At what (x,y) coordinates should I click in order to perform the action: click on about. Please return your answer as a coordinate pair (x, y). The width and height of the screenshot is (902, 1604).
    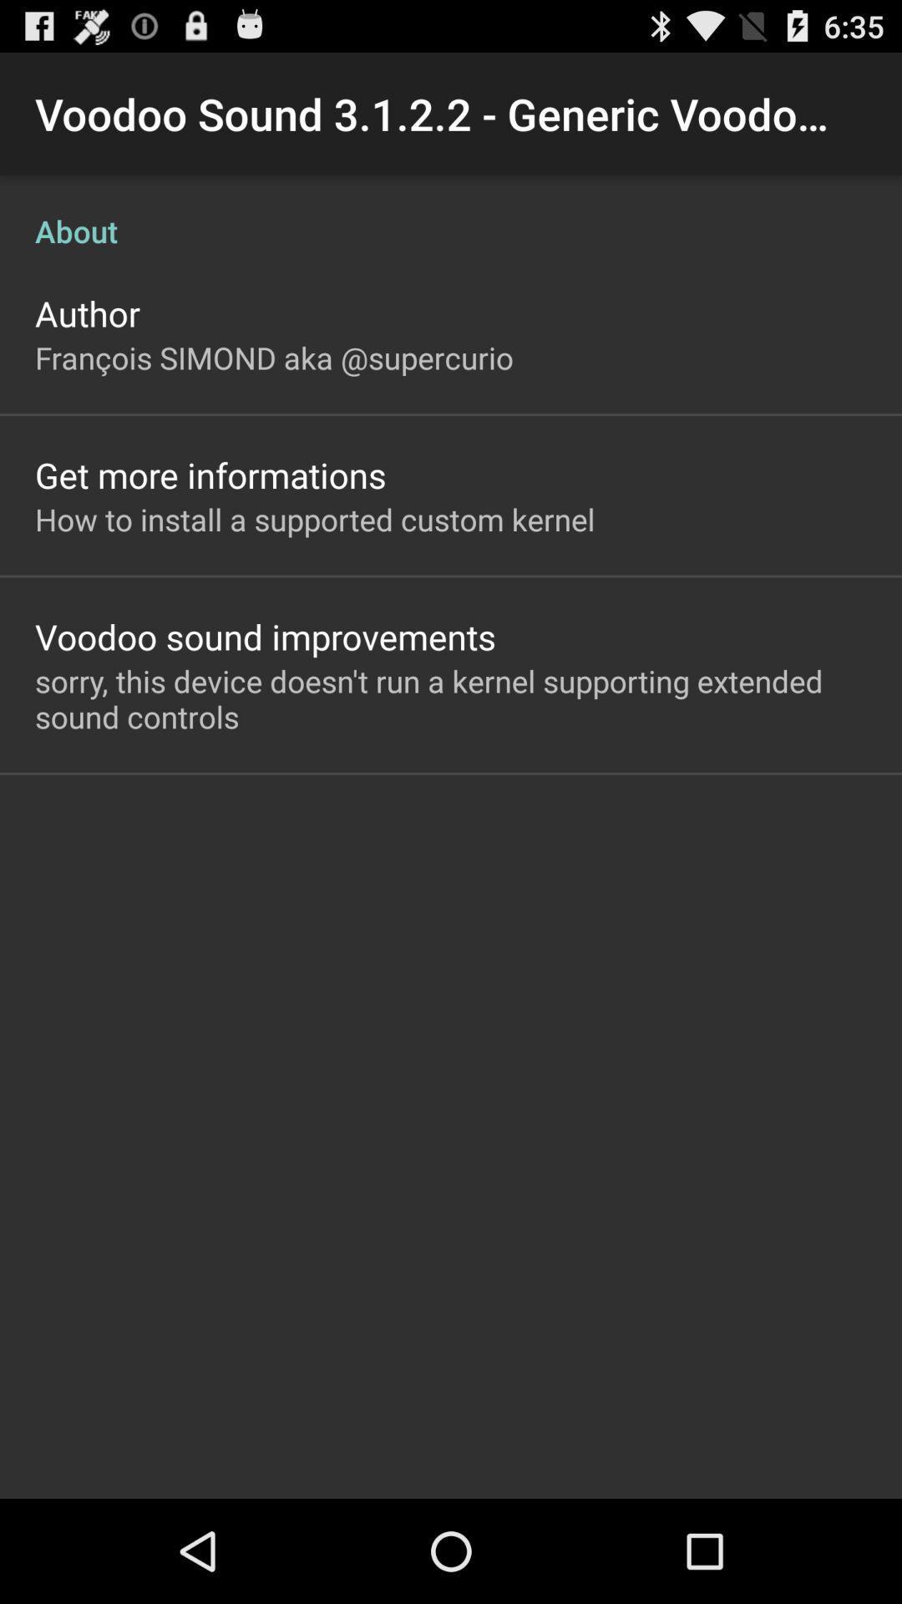
    Looking at the image, I should click on (451, 212).